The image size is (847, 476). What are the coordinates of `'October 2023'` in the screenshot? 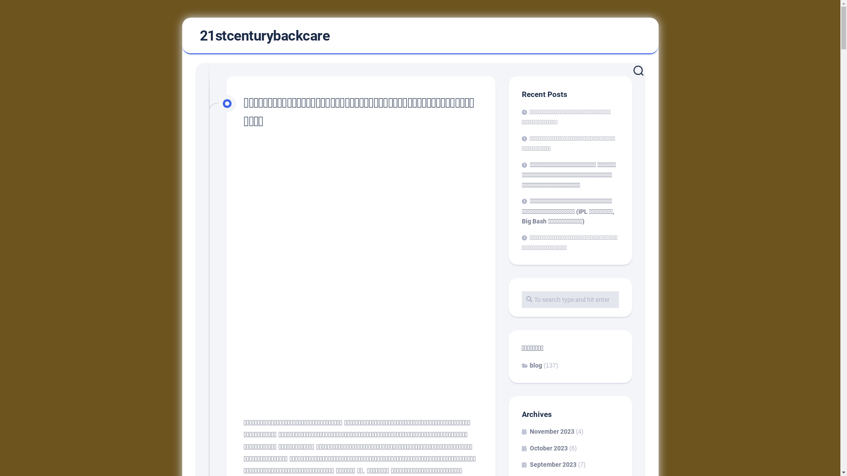 It's located at (543, 447).